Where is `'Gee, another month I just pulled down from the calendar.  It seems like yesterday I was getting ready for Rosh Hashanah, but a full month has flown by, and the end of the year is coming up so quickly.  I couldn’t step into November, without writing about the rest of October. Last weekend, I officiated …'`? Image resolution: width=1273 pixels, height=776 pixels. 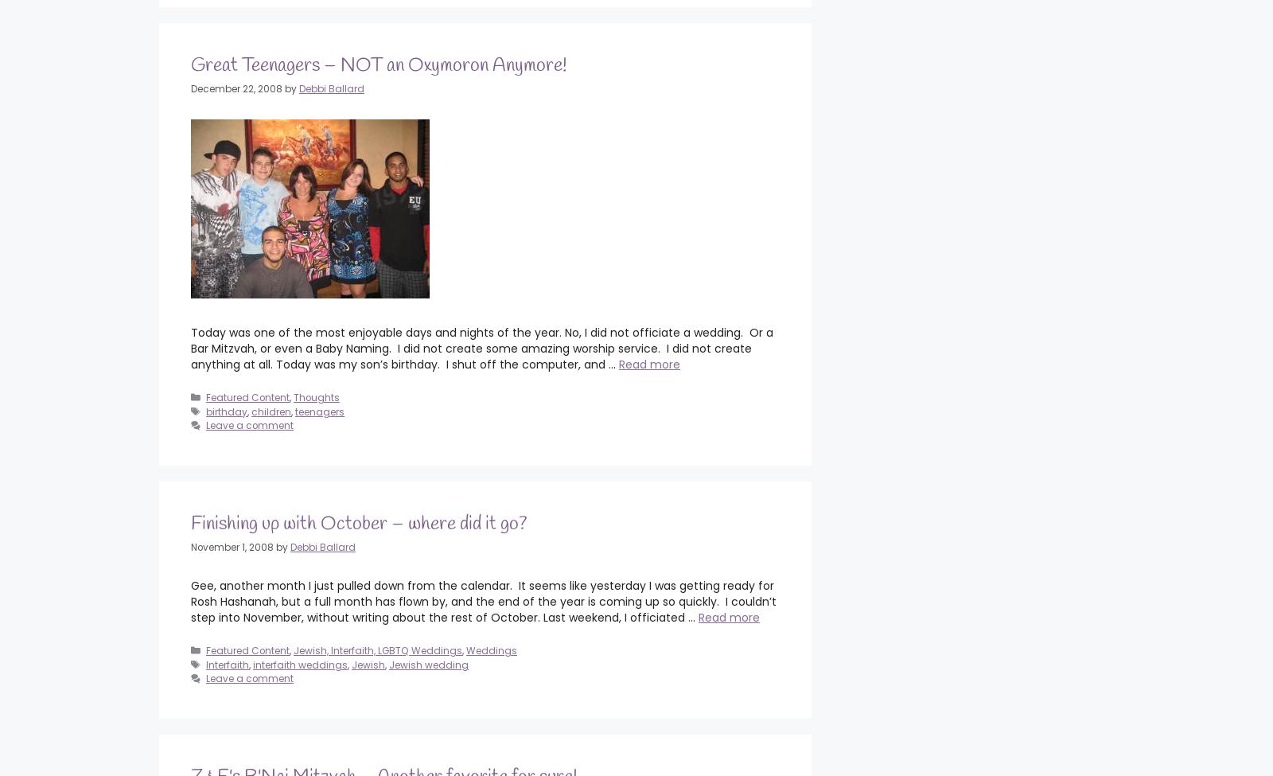 'Gee, another month I just pulled down from the calendar.  It seems like yesterday I was getting ready for Rosh Hashanah, but a full month has flown by, and the end of the year is coming up so quickly.  I couldn’t step into November, without writing about the rest of October. Last weekend, I officiated …' is located at coordinates (484, 600).